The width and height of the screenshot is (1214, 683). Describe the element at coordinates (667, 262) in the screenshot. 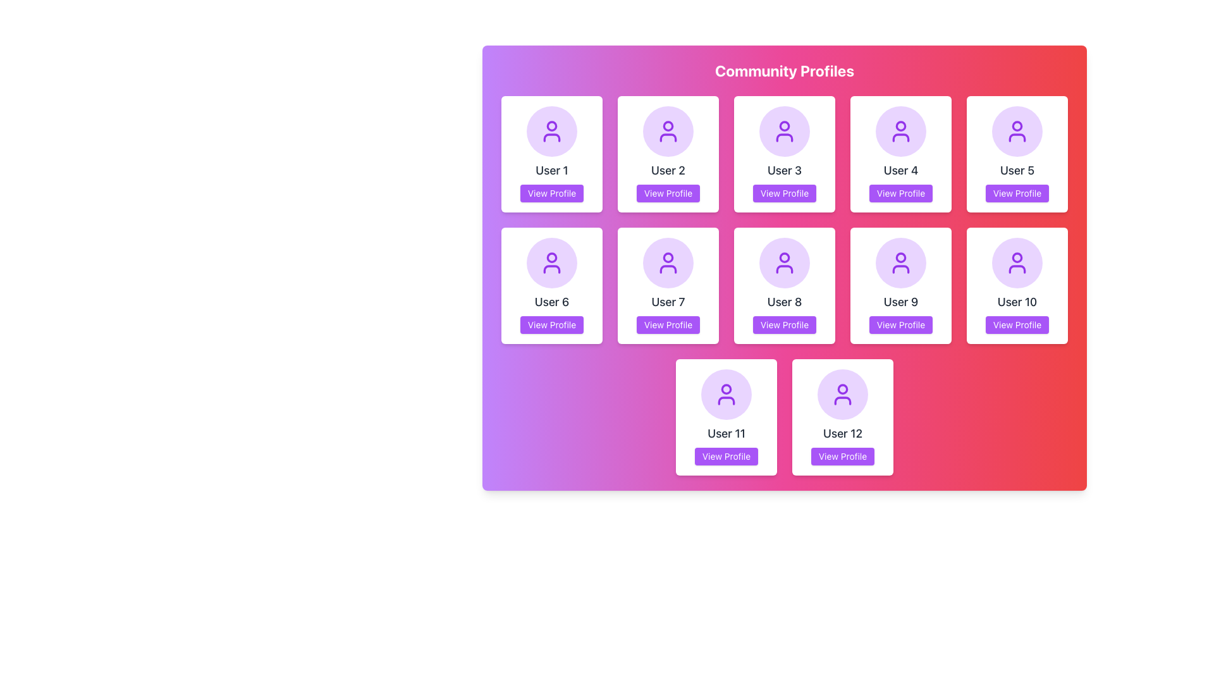

I see `the User Icon Graphic for 'User 7', which is the seventh profile element in a grid layout, located in the center row and second from the left` at that location.